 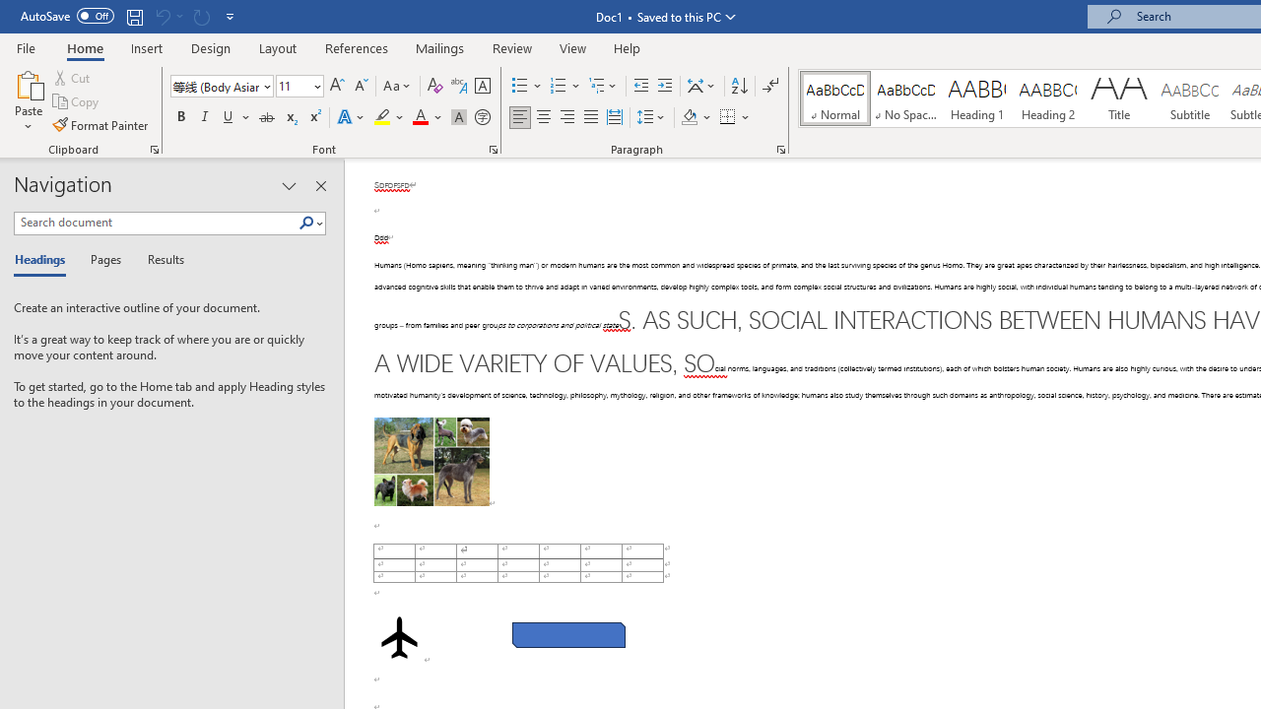 I want to click on 'Can', so click(x=167, y=16).